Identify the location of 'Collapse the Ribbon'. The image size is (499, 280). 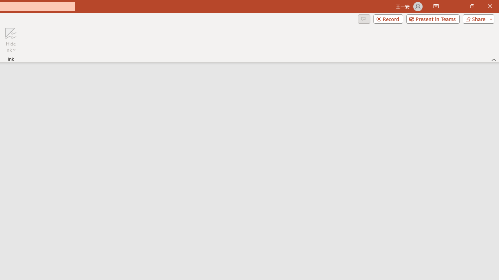
(494, 59).